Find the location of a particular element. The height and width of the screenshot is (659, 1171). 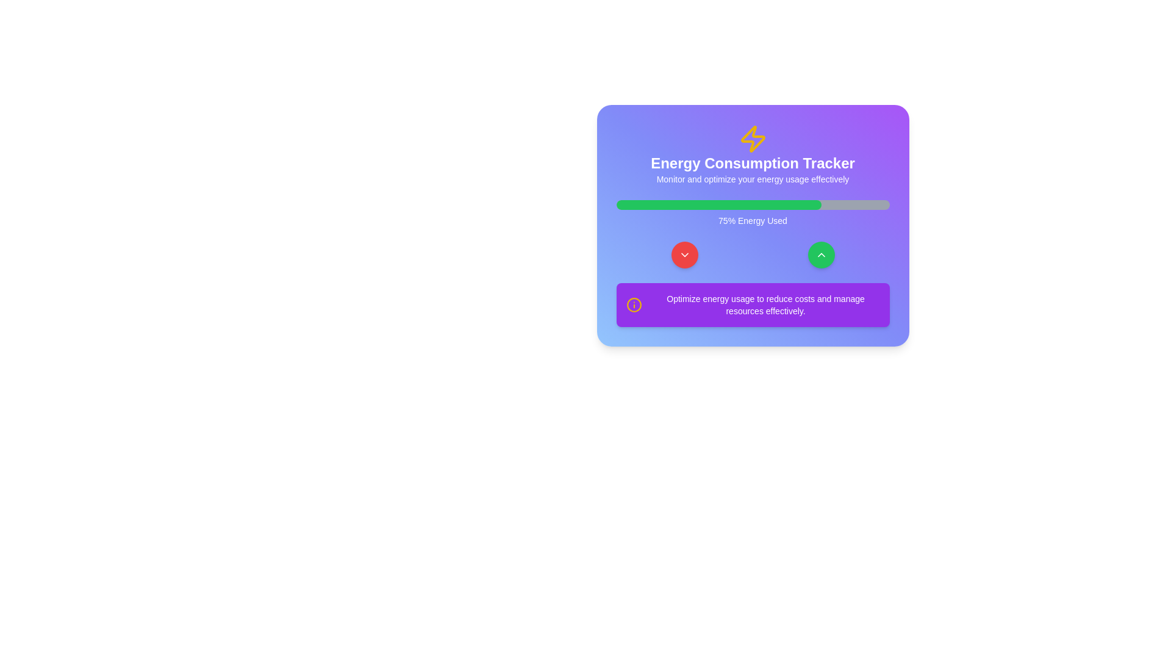

the circular information icon with a yellow outline and transparent center, located on the left side of a purple section containing a description about optimizing energy usage is located at coordinates (634, 304).